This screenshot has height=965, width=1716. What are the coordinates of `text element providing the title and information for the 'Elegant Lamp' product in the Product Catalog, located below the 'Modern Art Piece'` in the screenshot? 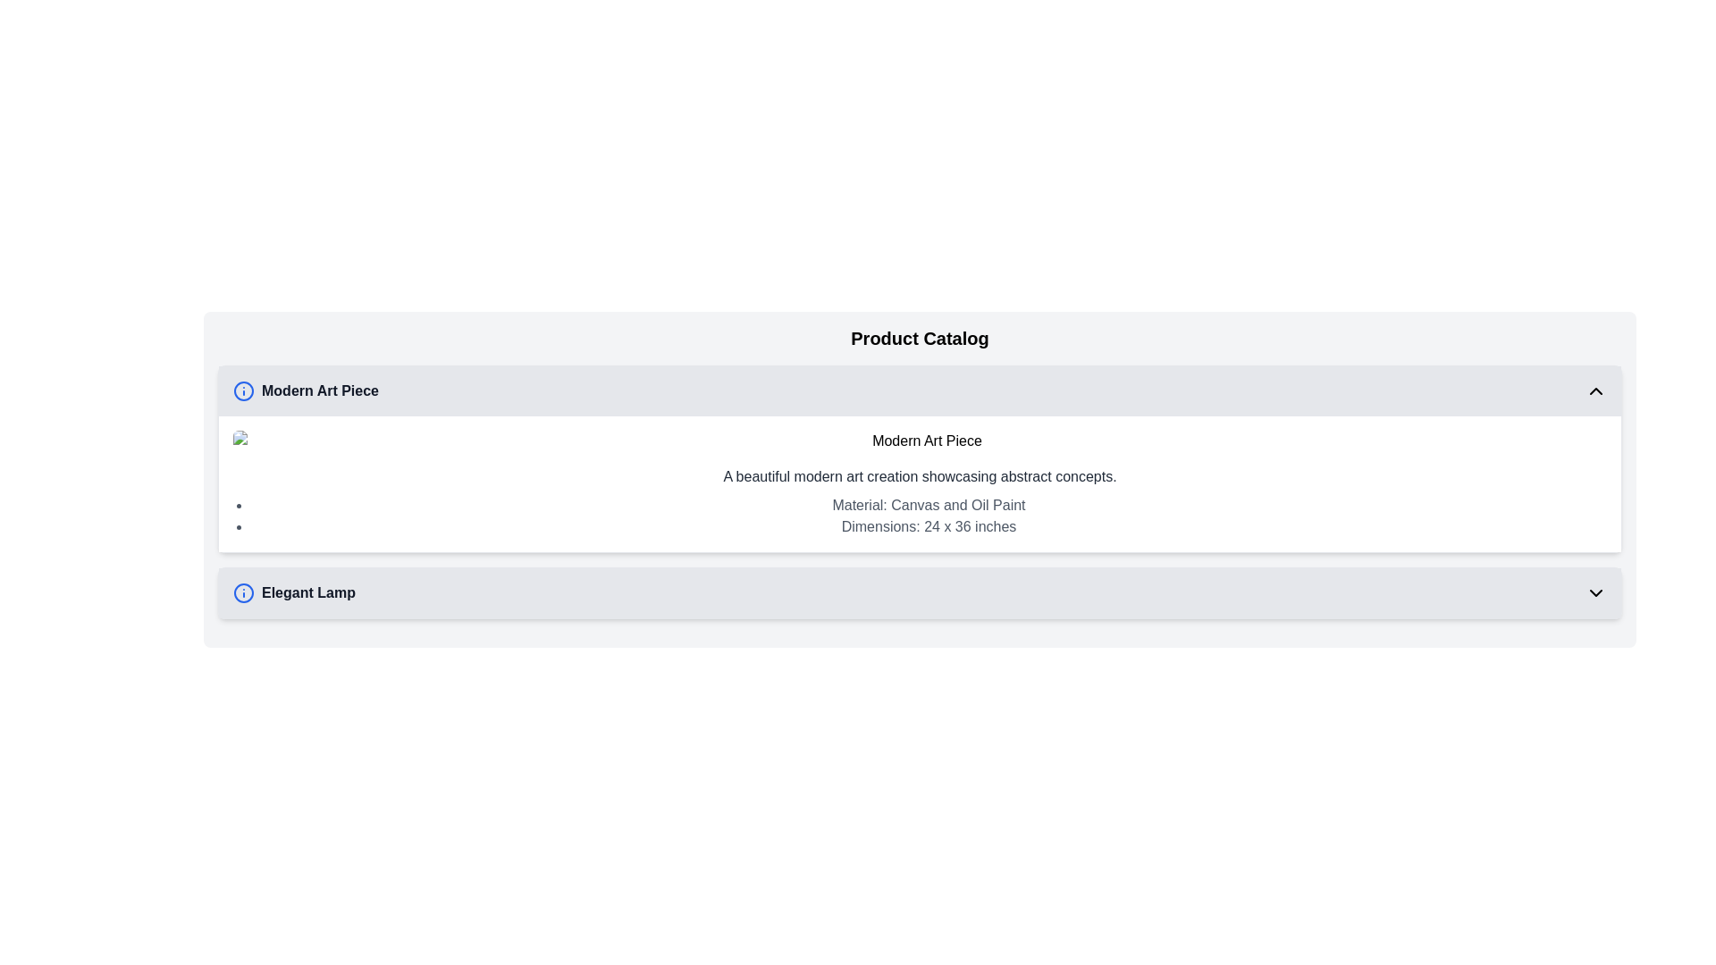 It's located at (294, 592).